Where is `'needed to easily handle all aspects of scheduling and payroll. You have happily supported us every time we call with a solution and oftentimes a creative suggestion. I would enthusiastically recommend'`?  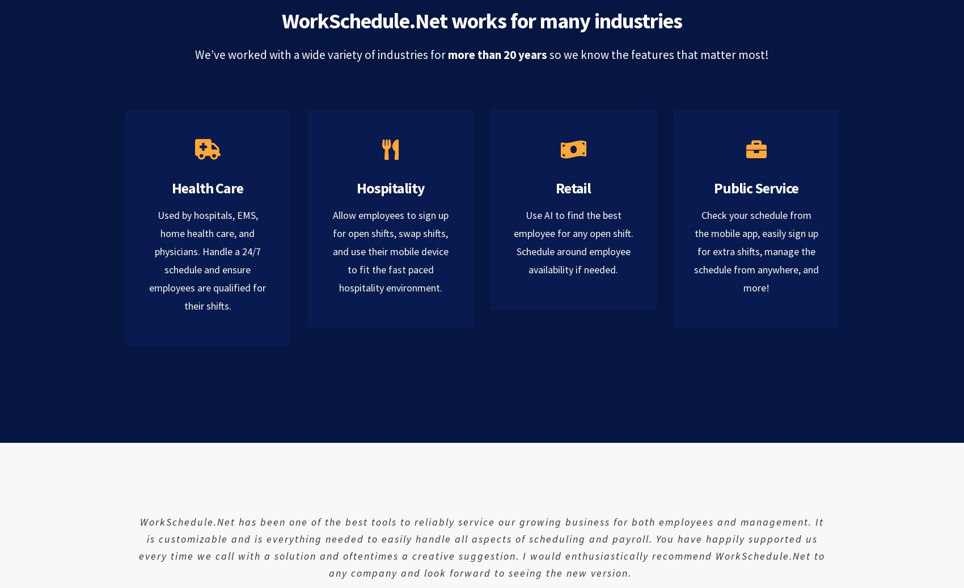
'needed to easily handle all aspects of scheduling and payroll. You have happily supported us every time we call with a solution and oftentimes a creative suggestion. I would enthusiastically recommend' is located at coordinates (477, 547).